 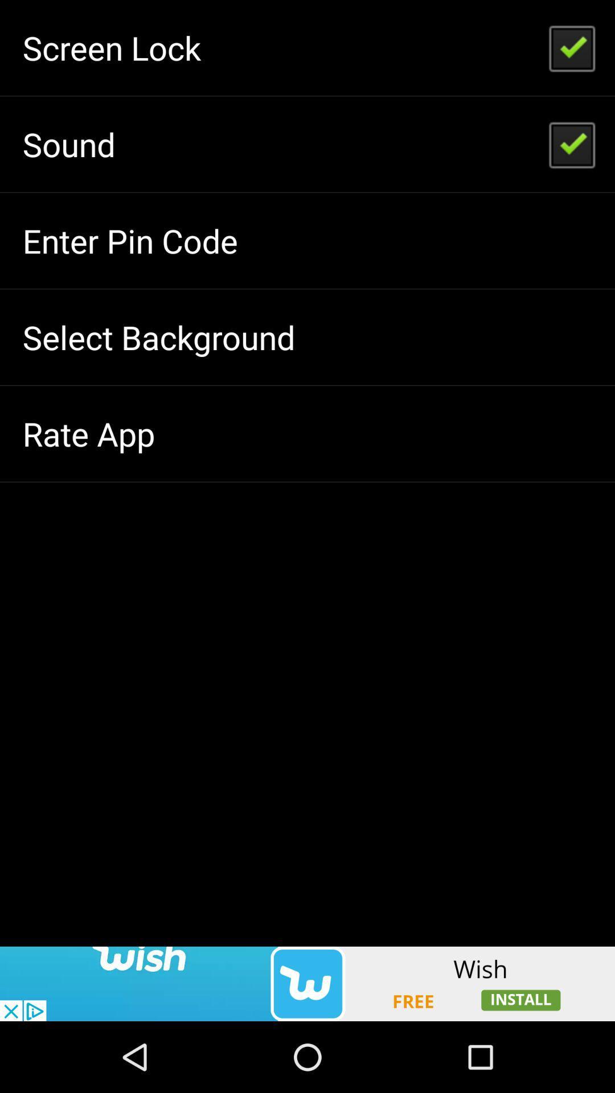 What do you see at coordinates (307, 983) in the screenshot?
I see `advertisement` at bounding box center [307, 983].